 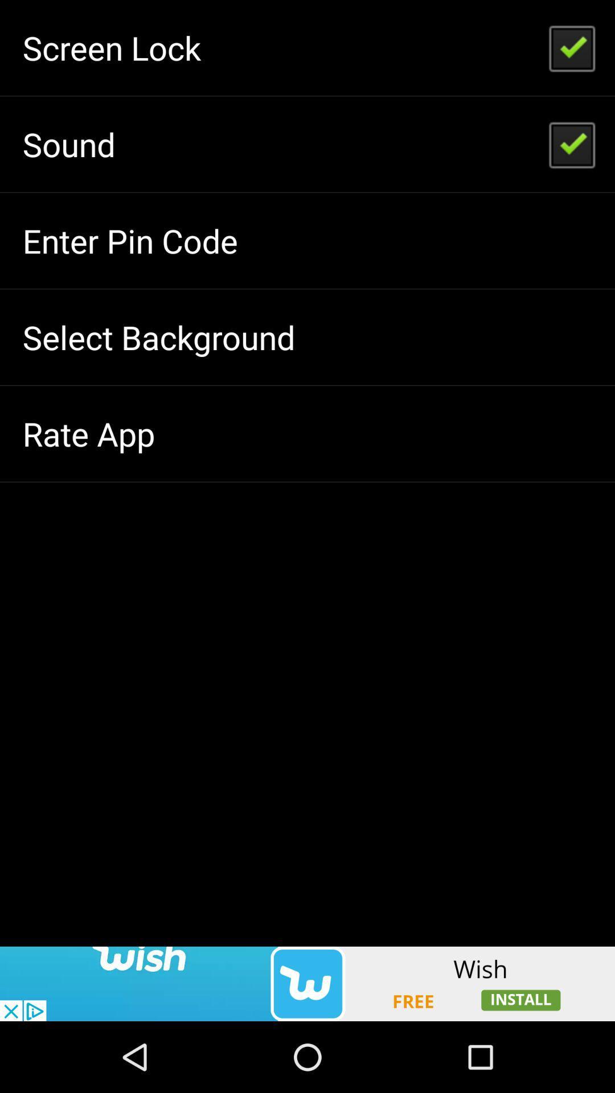 What do you see at coordinates (307, 983) in the screenshot?
I see `advertisement` at bounding box center [307, 983].